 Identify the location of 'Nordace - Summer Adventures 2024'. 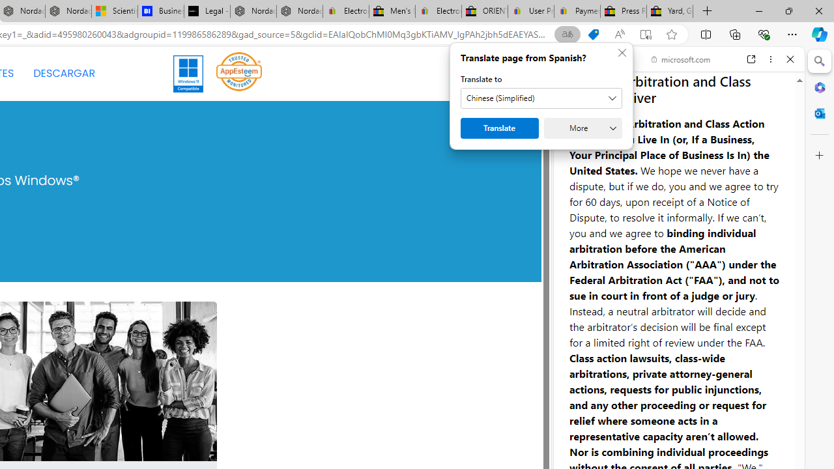
(253, 11).